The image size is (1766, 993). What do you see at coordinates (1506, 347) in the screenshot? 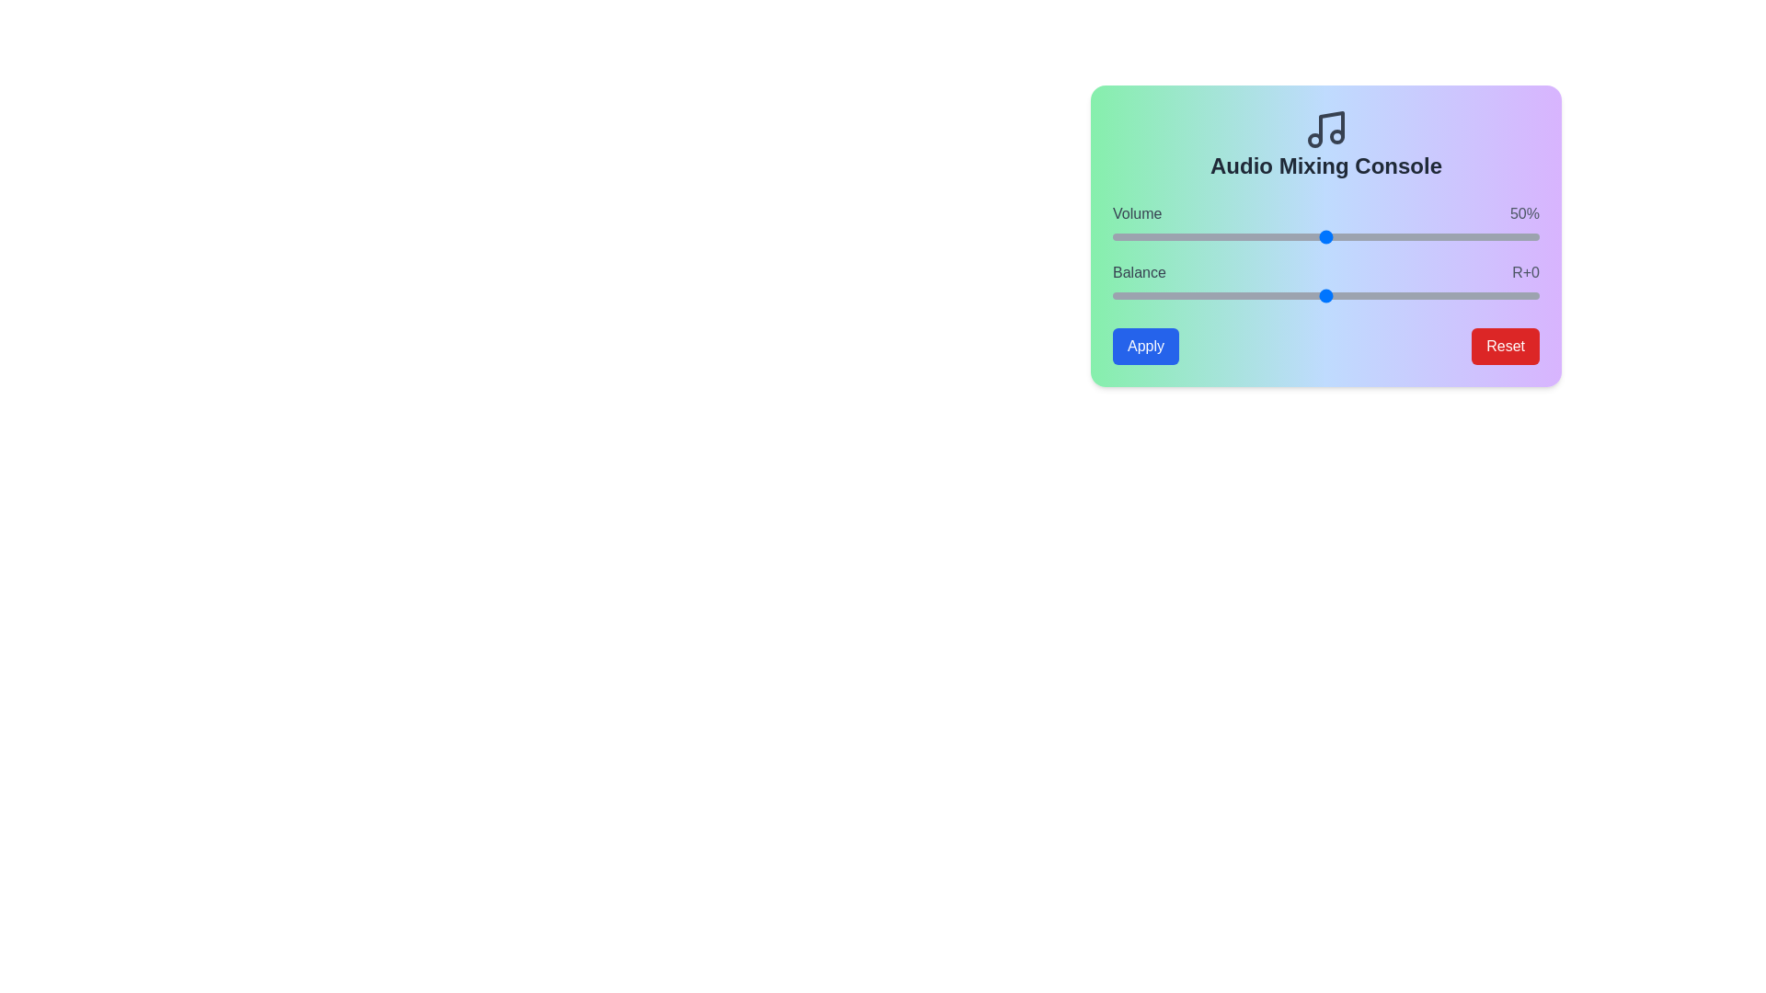
I see `the 'Reset' button for keyboard interaction accessibility. This button is positioned to the far right of the 'Apply' button within a horizontal arrangement at the bottom of a card-like component` at bounding box center [1506, 347].